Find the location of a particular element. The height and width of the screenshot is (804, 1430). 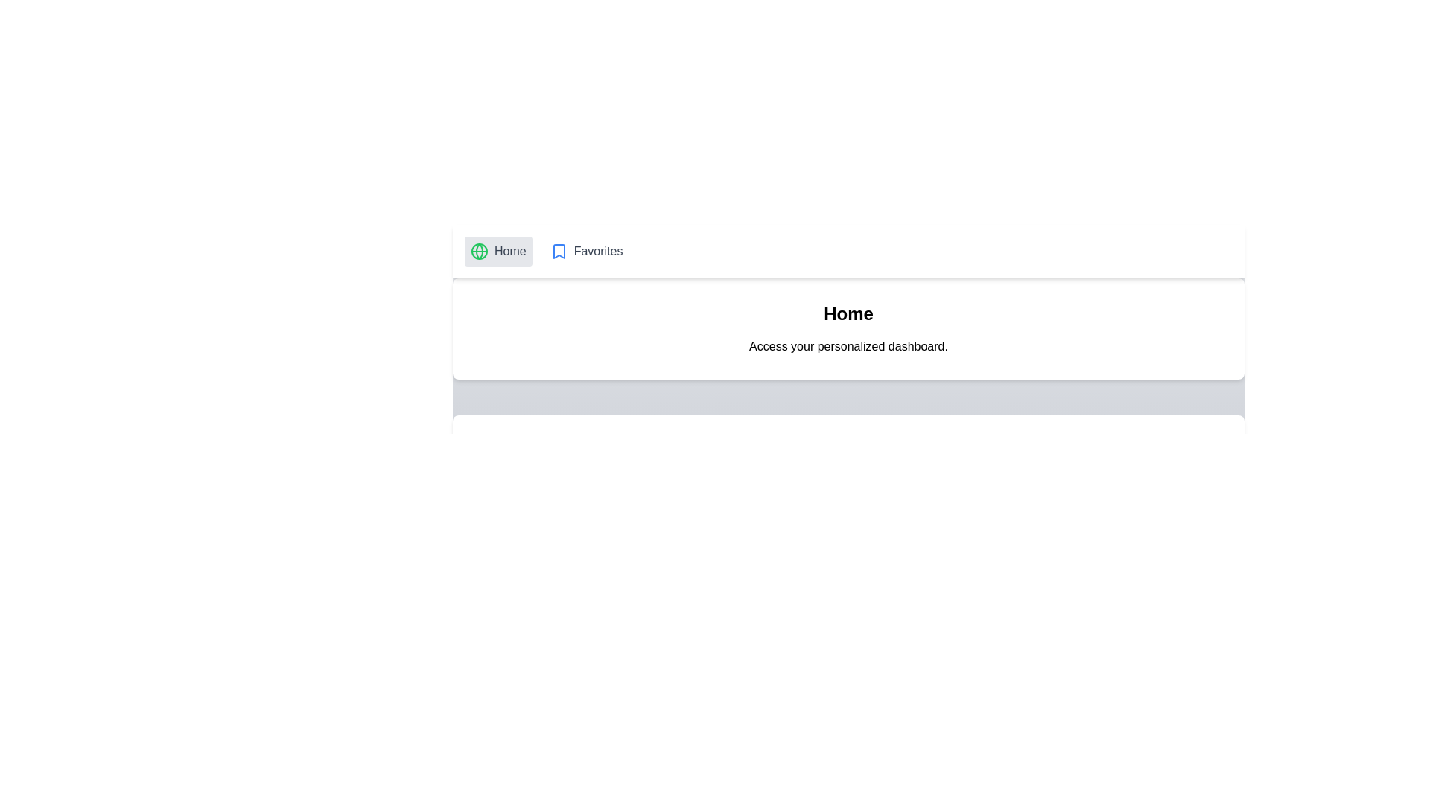

the second clickable list item labeled 'Favorites', which is styled with a blue bookmark icon and is located immediately to the right of the 'Home' item in the navigation bar is located at coordinates (585, 251).